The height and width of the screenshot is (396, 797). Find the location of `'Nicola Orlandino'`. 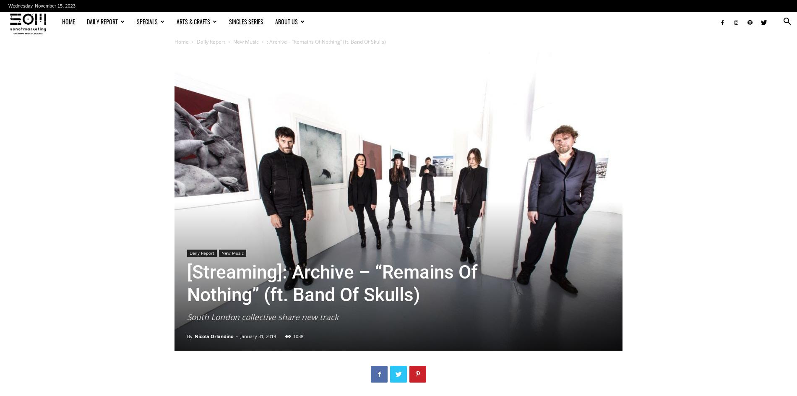

'Nicola Orlandino' is located at coordinates (214, 336).